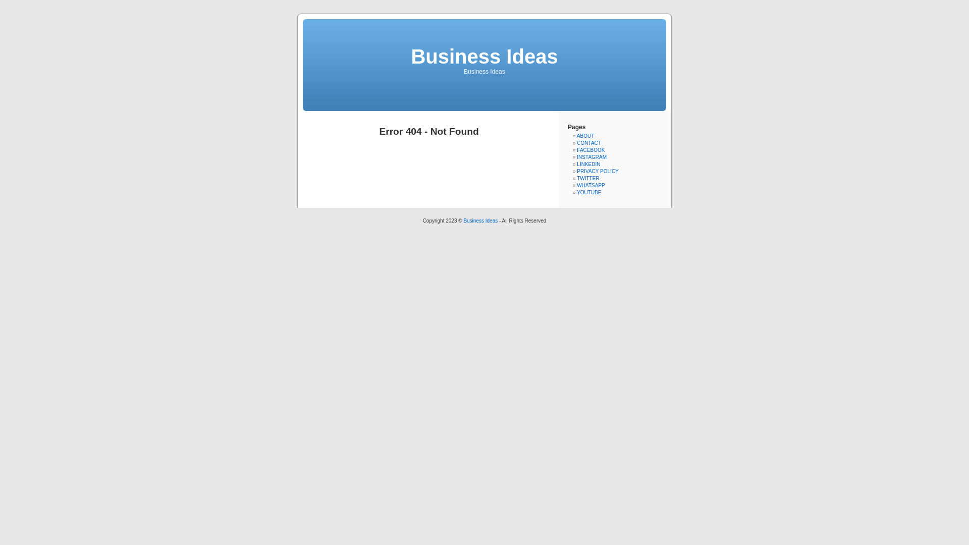 The height and width of the screenshot is (545, 969). I want to click on 'TWITTER', so click(588, 178).